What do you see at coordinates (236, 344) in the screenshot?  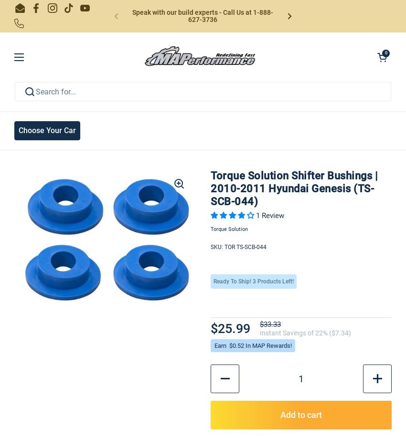 I see `'$0.52'` at bounding box center [236, 344].